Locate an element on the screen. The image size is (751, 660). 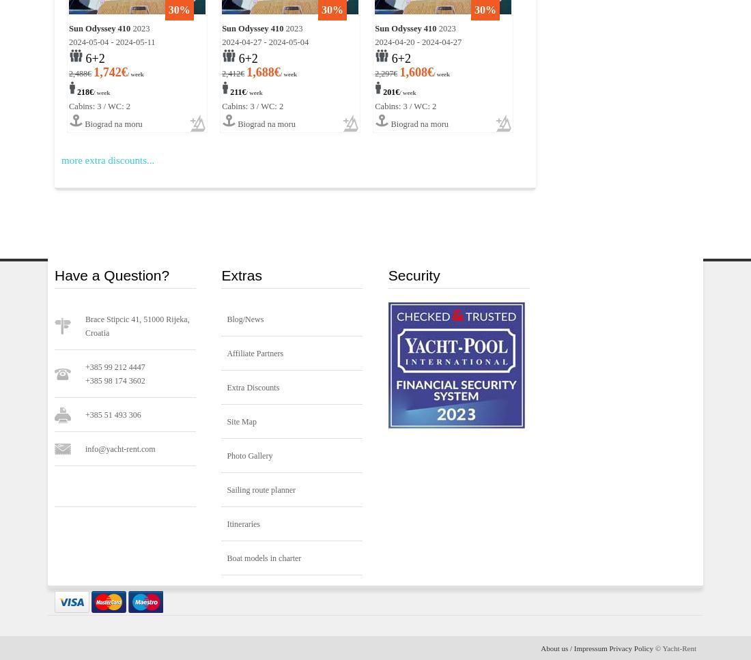
'info@yacht-rent.com' is located at coordinates (119, 448).